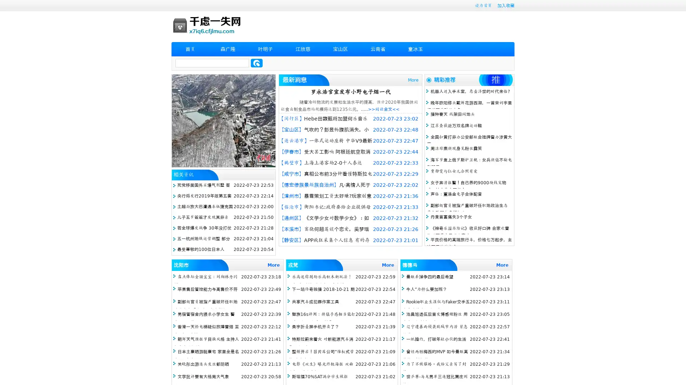  Describe the element at coordinates (257, 63) in the screenshot. I see `Search` at that location.